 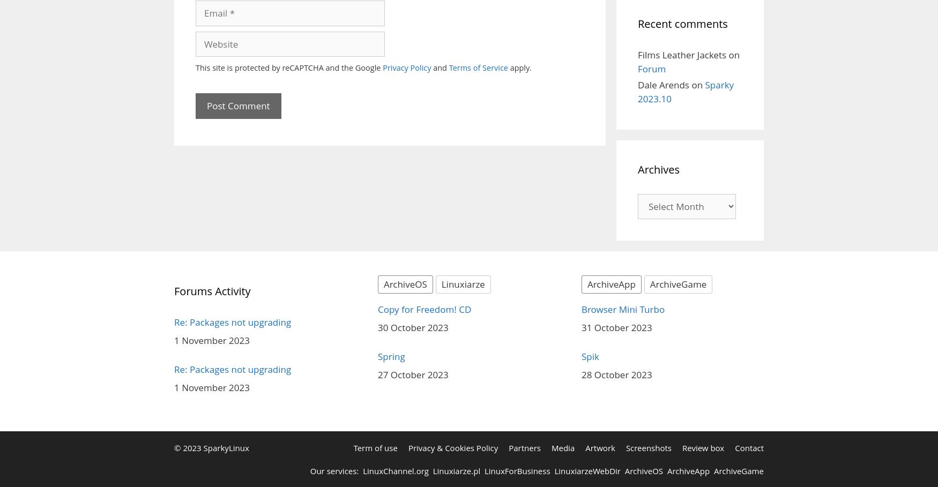 I want to click on 'This site is protected by reCAPTCHA and the Google', so click(x=288, y=68).